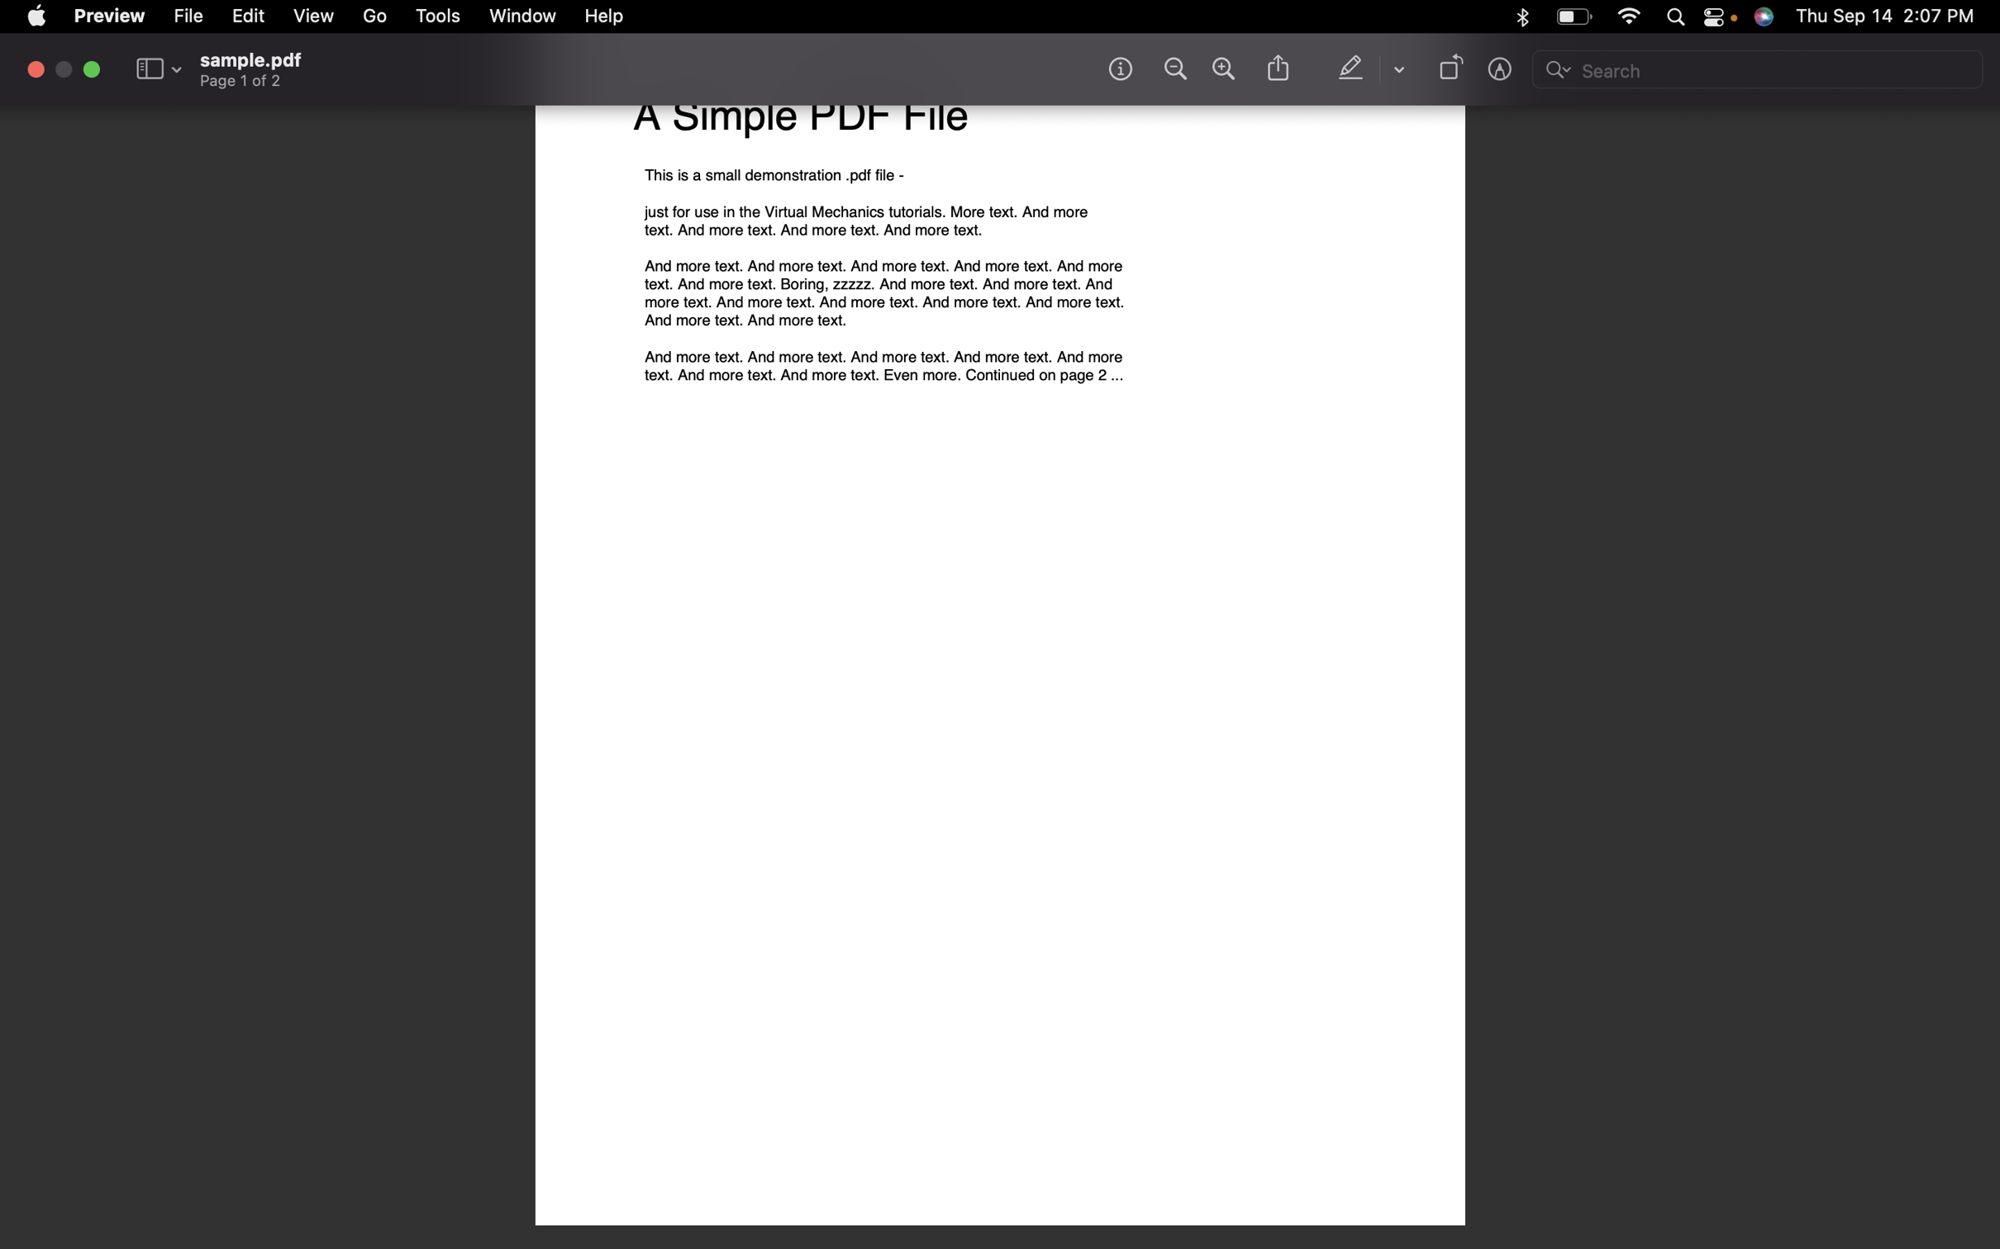 This screenshot has width=2000, height=1249. I want to click on Distribute the document using Messages, so click(1276, 69).